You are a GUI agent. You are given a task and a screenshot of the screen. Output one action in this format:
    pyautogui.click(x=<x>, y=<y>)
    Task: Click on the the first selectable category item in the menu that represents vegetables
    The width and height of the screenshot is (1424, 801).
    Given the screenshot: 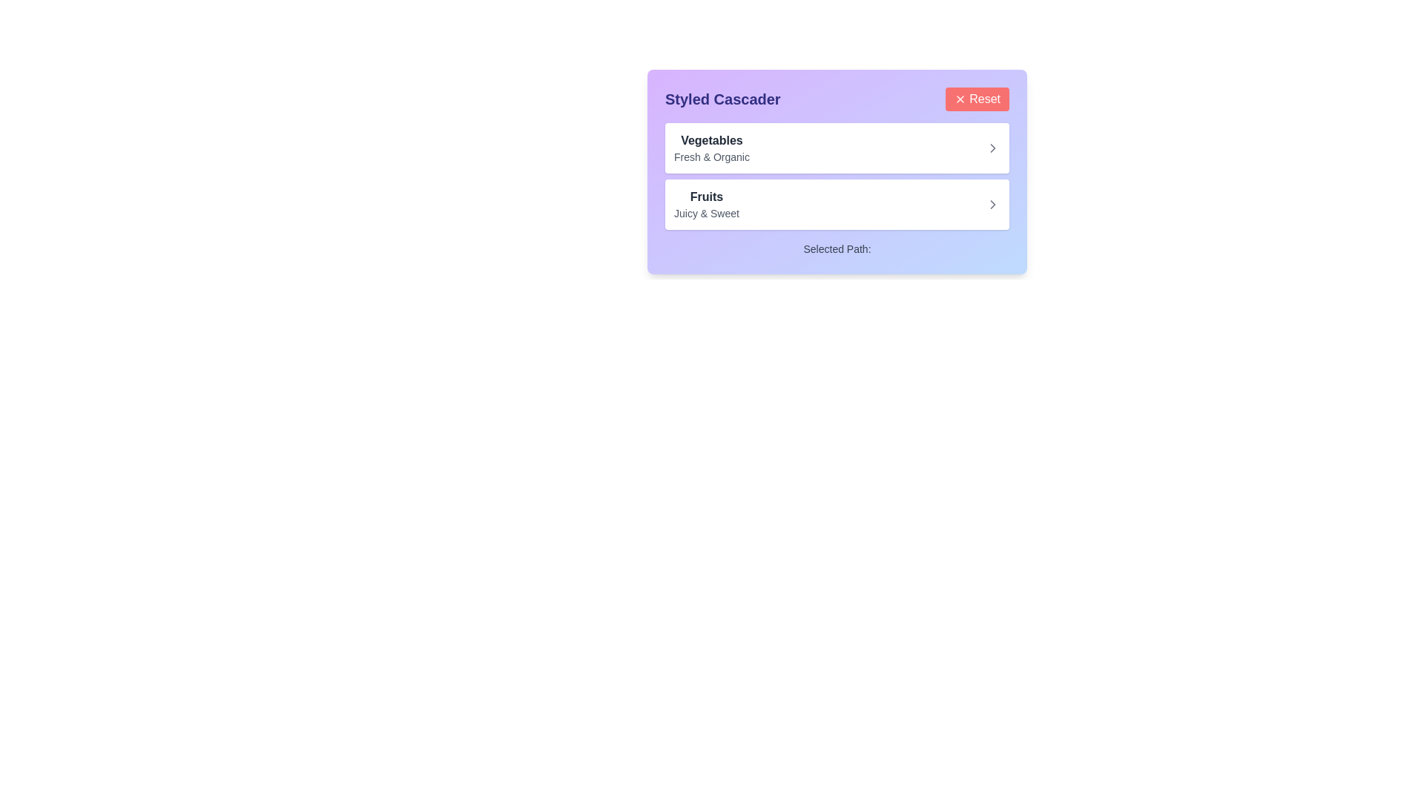 What is the action you would take?
    pyautogui.click(x=837, y=148)
    